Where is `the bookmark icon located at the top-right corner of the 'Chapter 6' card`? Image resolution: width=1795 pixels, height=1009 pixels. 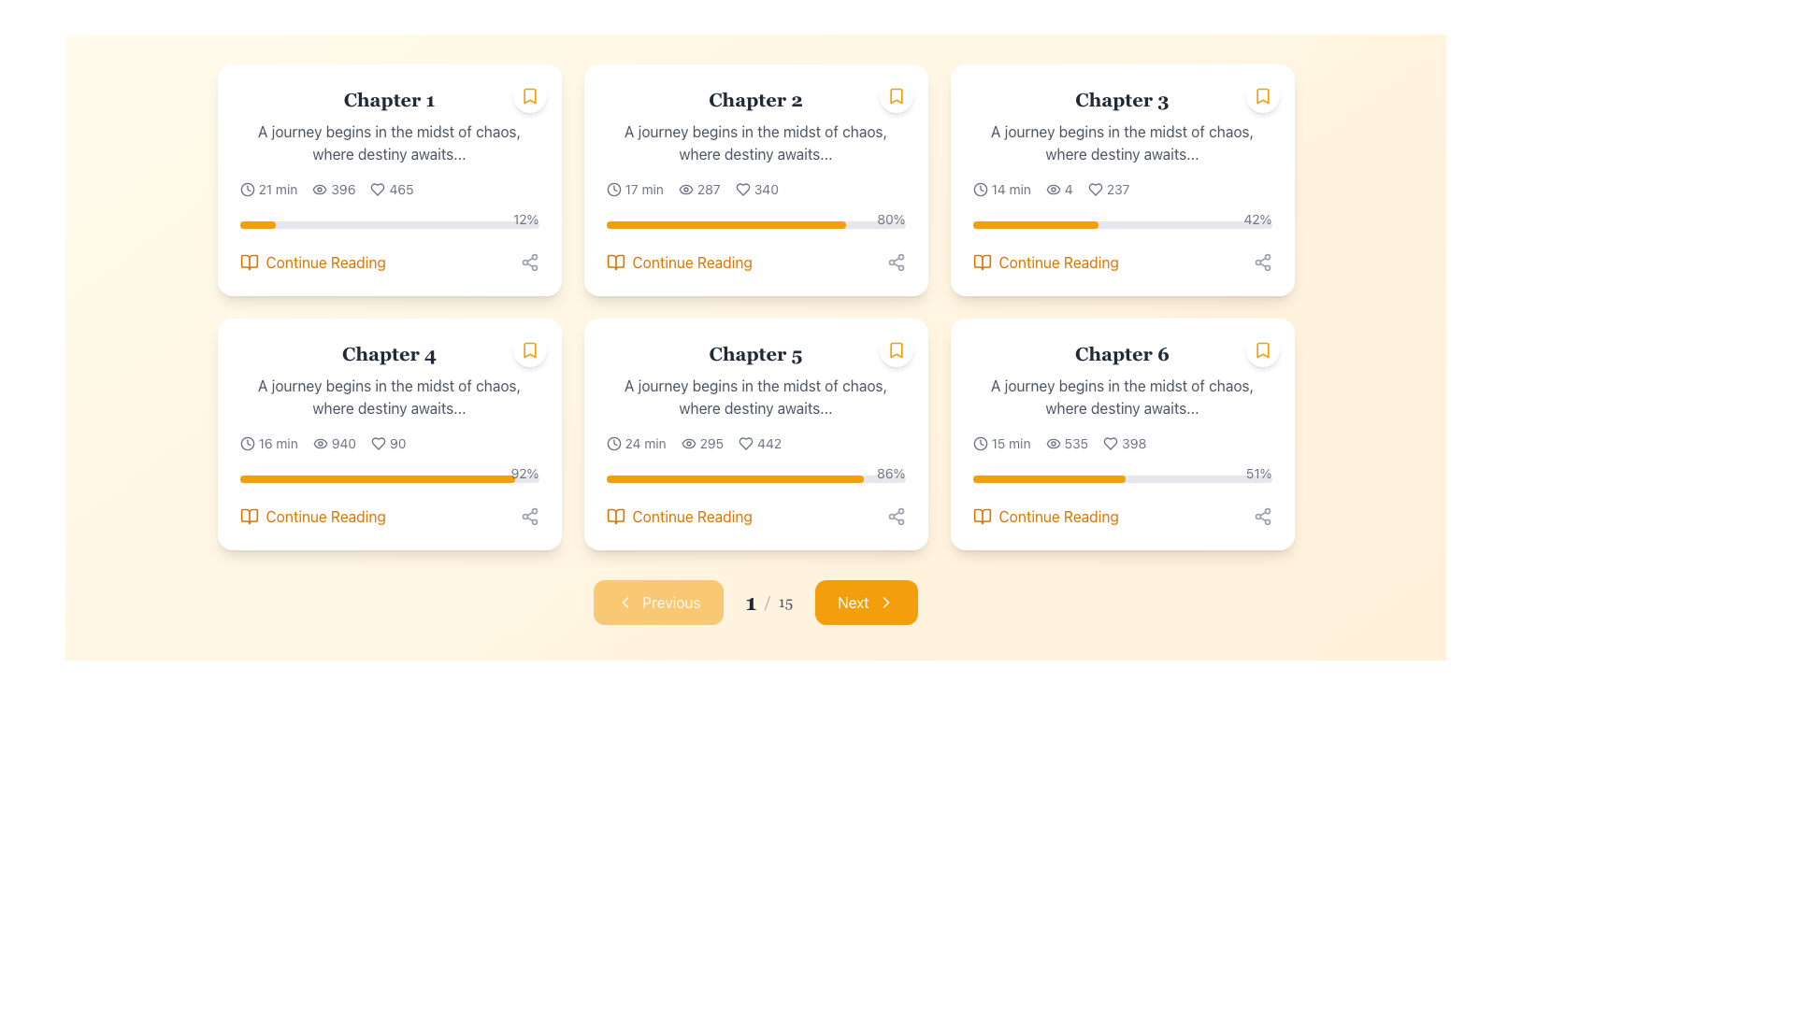 the bookmark icon located at the top-right corner of the 'Chapter 6' card is located at coordinates (1262, 349).